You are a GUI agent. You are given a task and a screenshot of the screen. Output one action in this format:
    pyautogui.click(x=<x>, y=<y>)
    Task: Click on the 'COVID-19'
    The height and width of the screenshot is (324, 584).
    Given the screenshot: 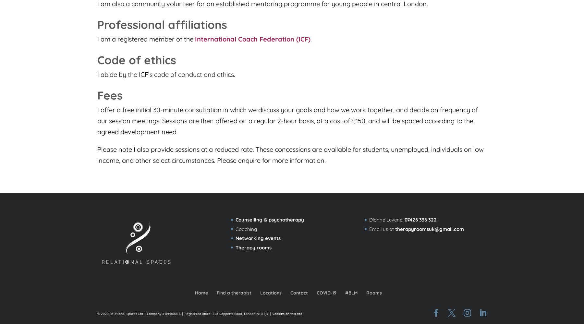 What is the action you would take?
    pyautogui.click(x=326, y=293)
    